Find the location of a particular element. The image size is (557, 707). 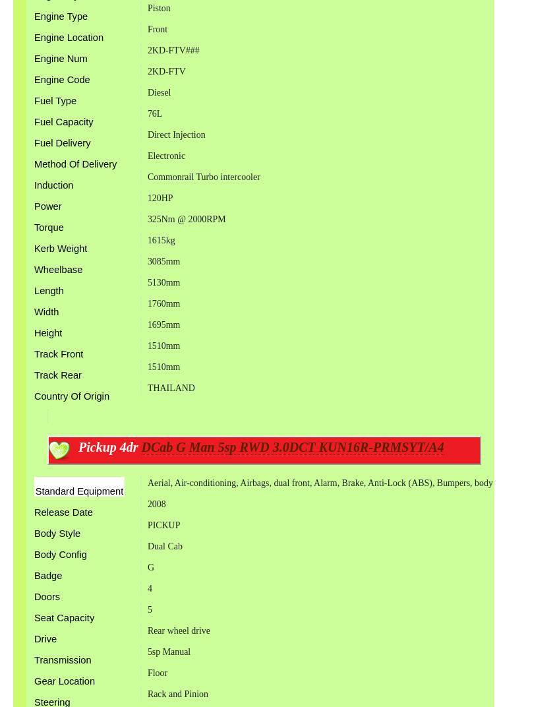

'4' is located at coordinates (146, 588).